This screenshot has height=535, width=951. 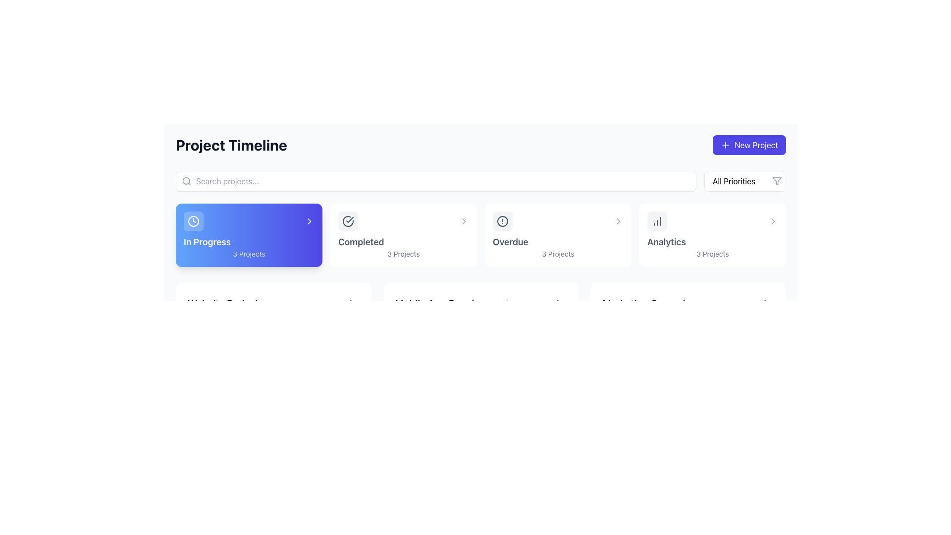 I want to click on the alert icon representing an overdue notification, which is styled as a circle with a border and an inner exclamation mark, located at the center of the overdue card, so click(x=502, y=221).